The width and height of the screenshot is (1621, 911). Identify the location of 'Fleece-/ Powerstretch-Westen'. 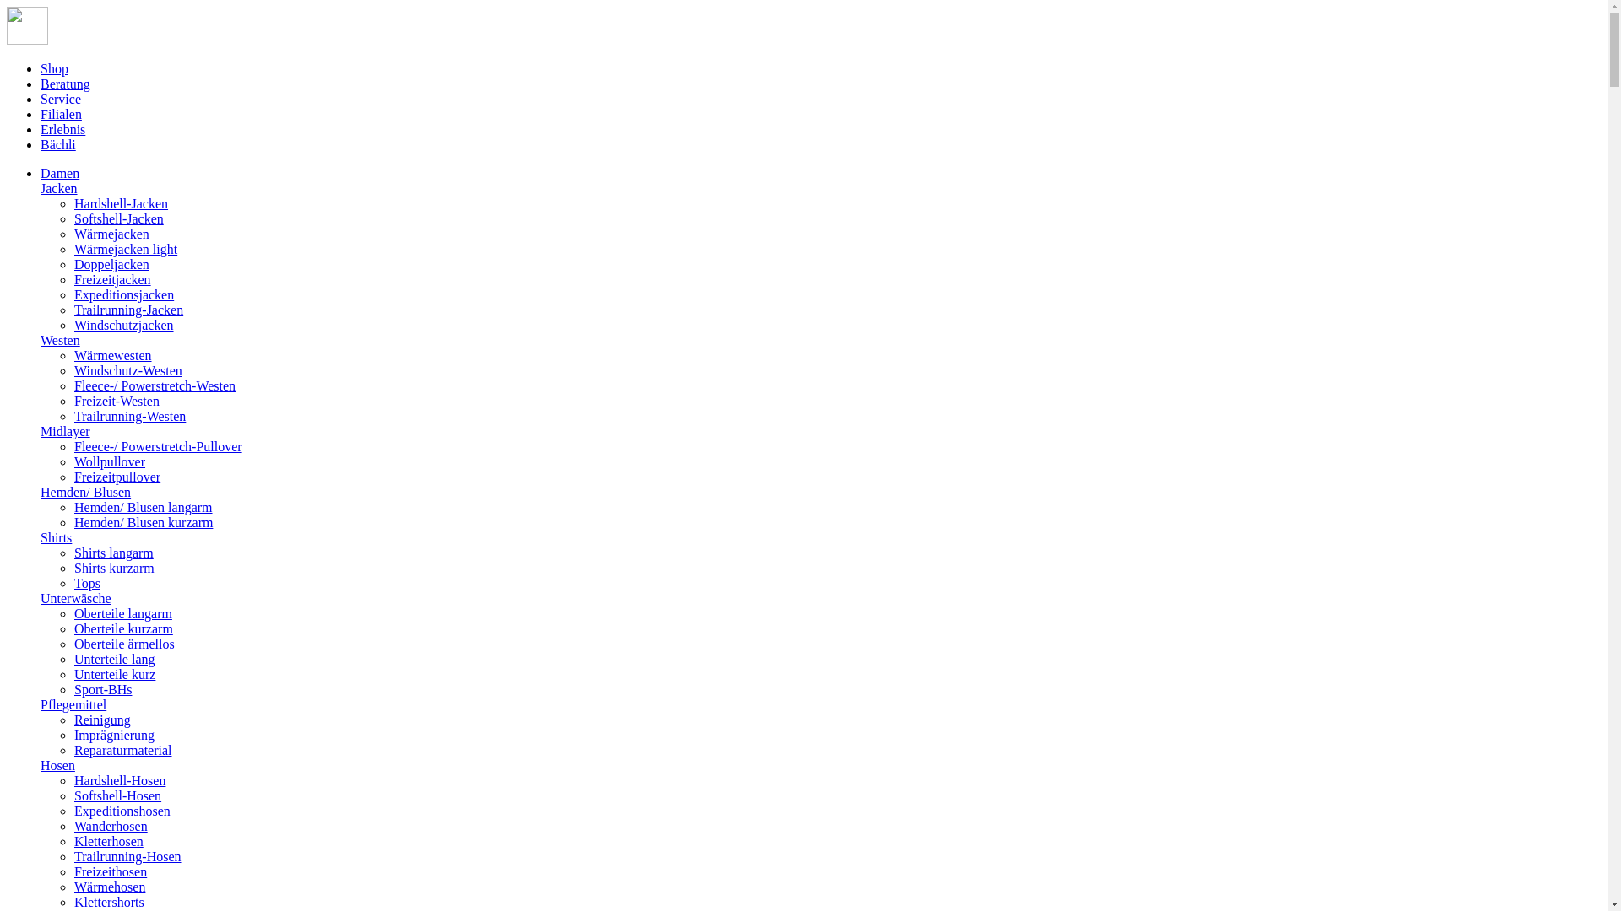
(155, 385).